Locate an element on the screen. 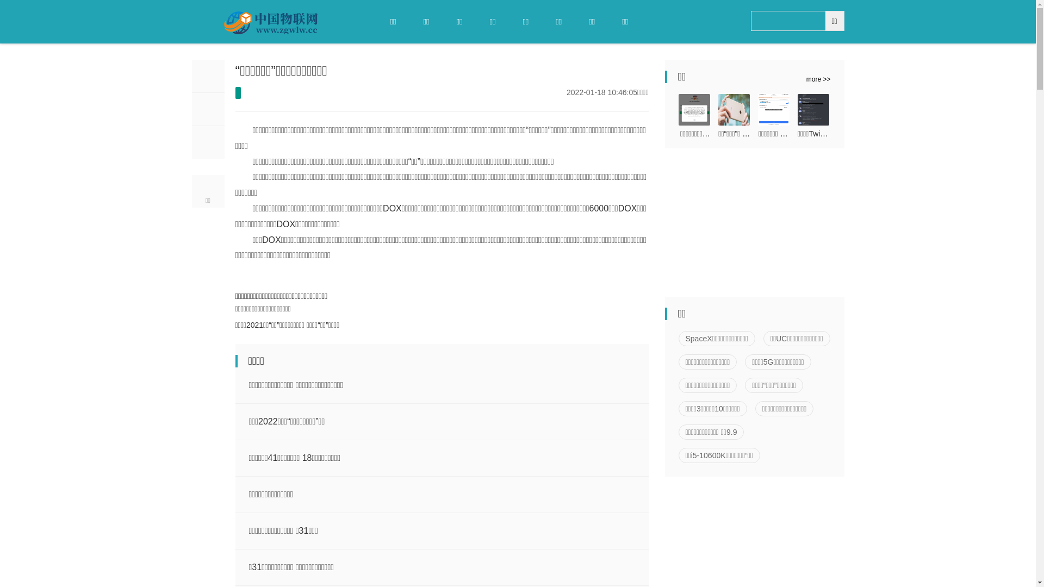 The height and width of the screenshot is (587, 1044). 'Advertisement' is located at coordinates (745, 226).